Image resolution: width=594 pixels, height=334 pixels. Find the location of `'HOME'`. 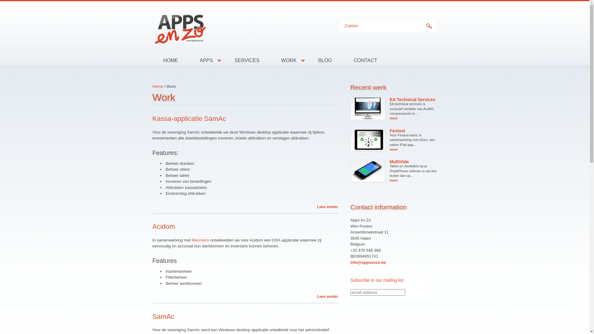

'HOME' is located at coordinates (170, 61).